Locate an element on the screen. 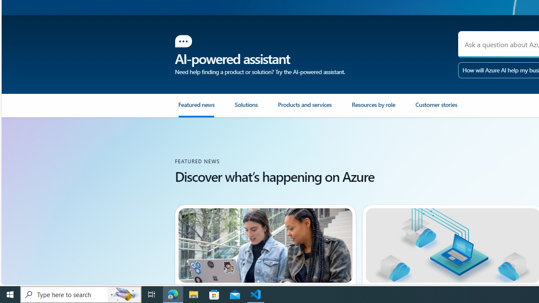  'Resources by role' is located at coordinates (383, 109).